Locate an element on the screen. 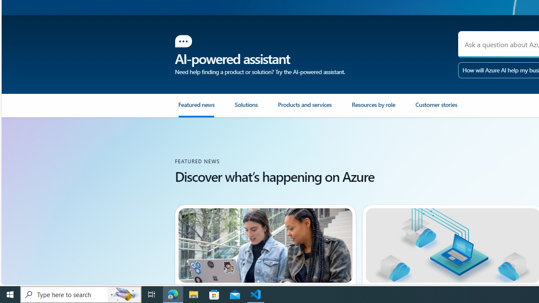  'Resources by role' is located at coordinates (383, 109).